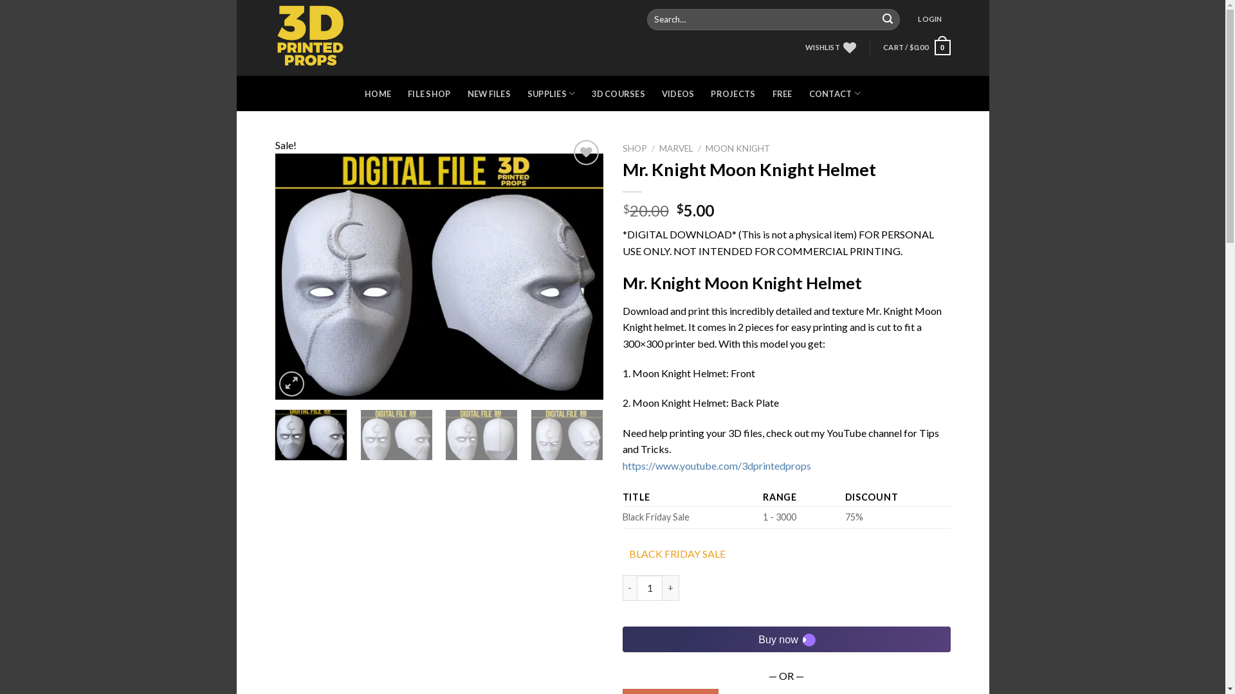 This screenshot has height=694, width=1235. What do you see at coordinates (733, 93) in the screenshot?
I see `'PROJECTS'` at bounding box center [733, 93].